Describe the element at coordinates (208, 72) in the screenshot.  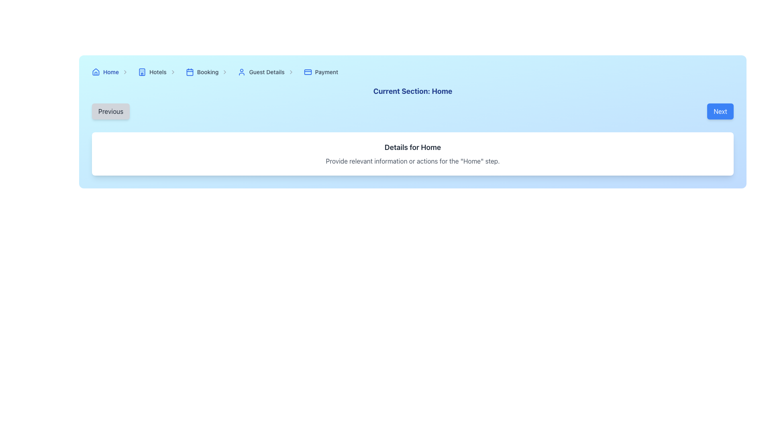
I see `the breadcrumb navigation item labeled 'Booking'` at that location.